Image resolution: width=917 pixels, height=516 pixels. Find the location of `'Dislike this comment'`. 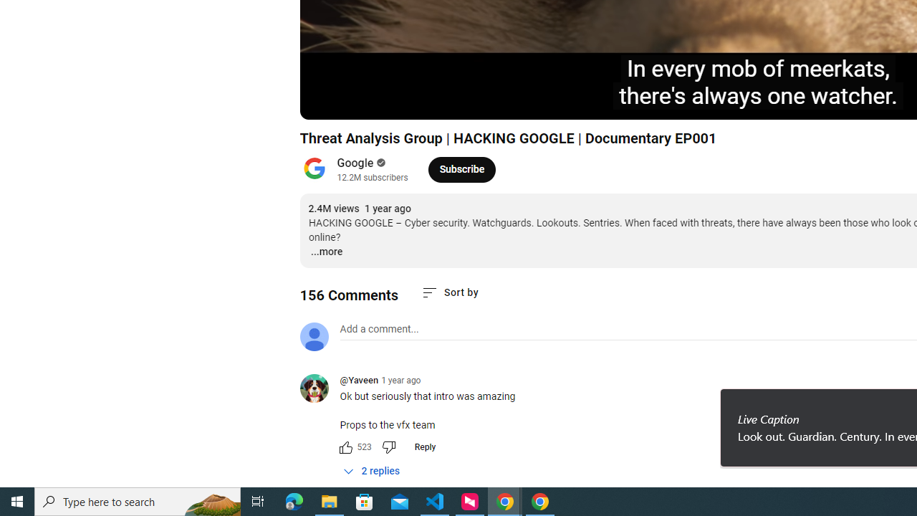

'Dislike this comment' is located at coordinates (388, 446).